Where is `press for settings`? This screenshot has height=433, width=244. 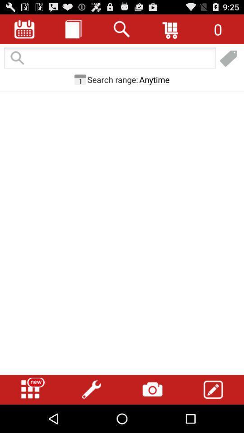
press for settings is located at coordinates (91, 389).